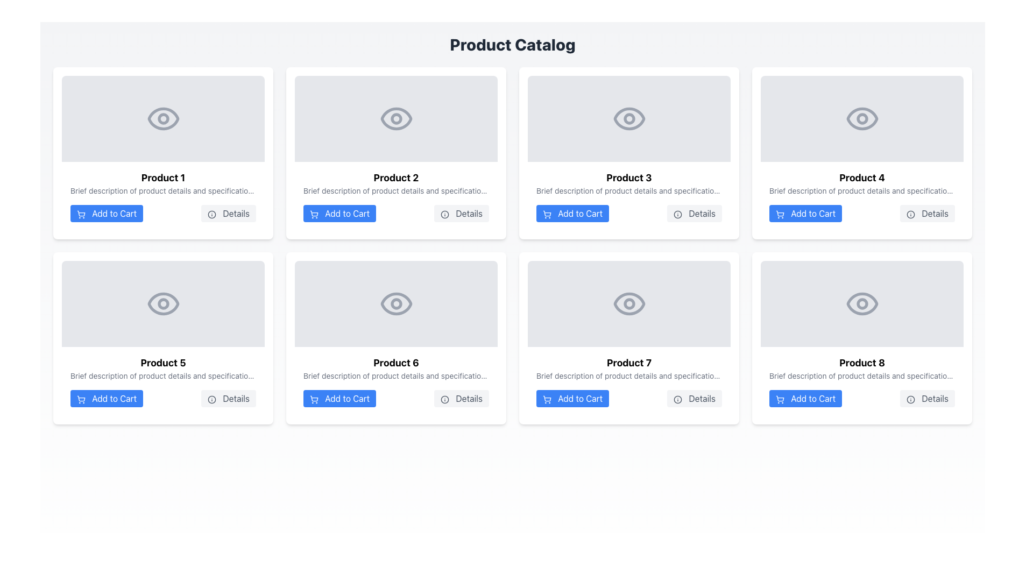  Describe the element at coordinates (162, 118) in the screenshot. I see `the small circular element located in the center of the eye icon within the 'Product 1' card` at that location.